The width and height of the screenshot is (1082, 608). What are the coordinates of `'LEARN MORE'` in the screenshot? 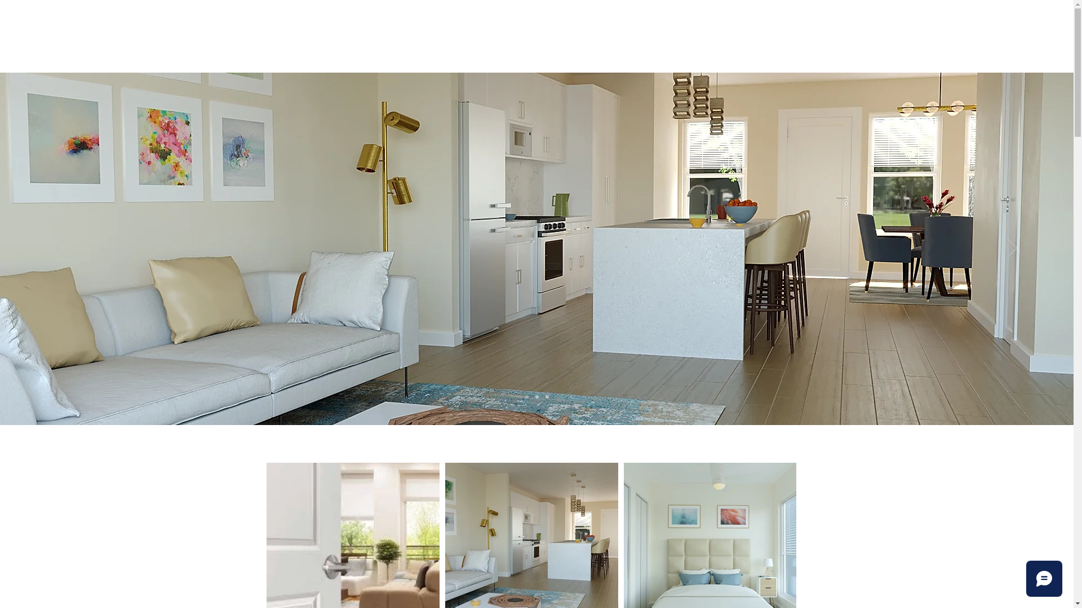 It's located at (675, 59).